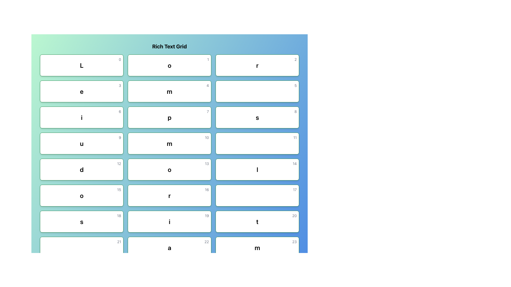 The width and height of the screenshot is (511, 287). What do you see at coordinates (81, 117) in the screenshot?
I see `the text-based UI component styled as a title or header that prominently features the letter 'i' within the grid layout` at bounding box center [81, 117].